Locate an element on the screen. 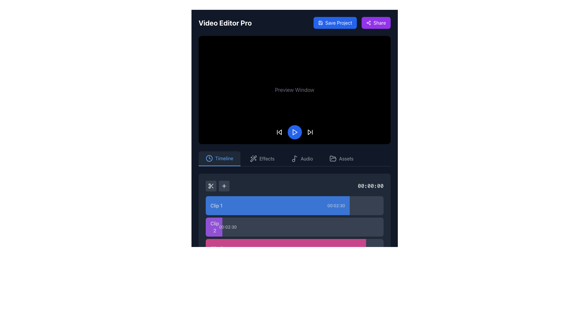 The image size is (570, 321). the 'Audio' text label in the navigation tab is located at coordinates (307, 158).